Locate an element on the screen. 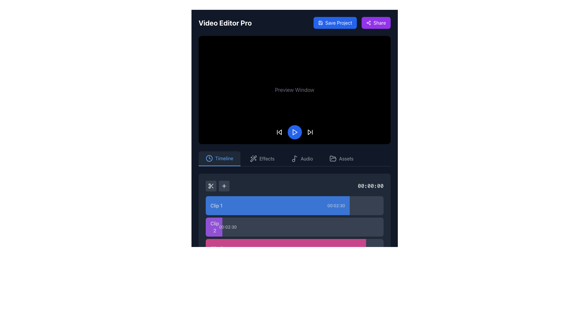 The image size is (570, 321). the 'Audio' text label in the navigation tab is located at coordinates (307, 158).